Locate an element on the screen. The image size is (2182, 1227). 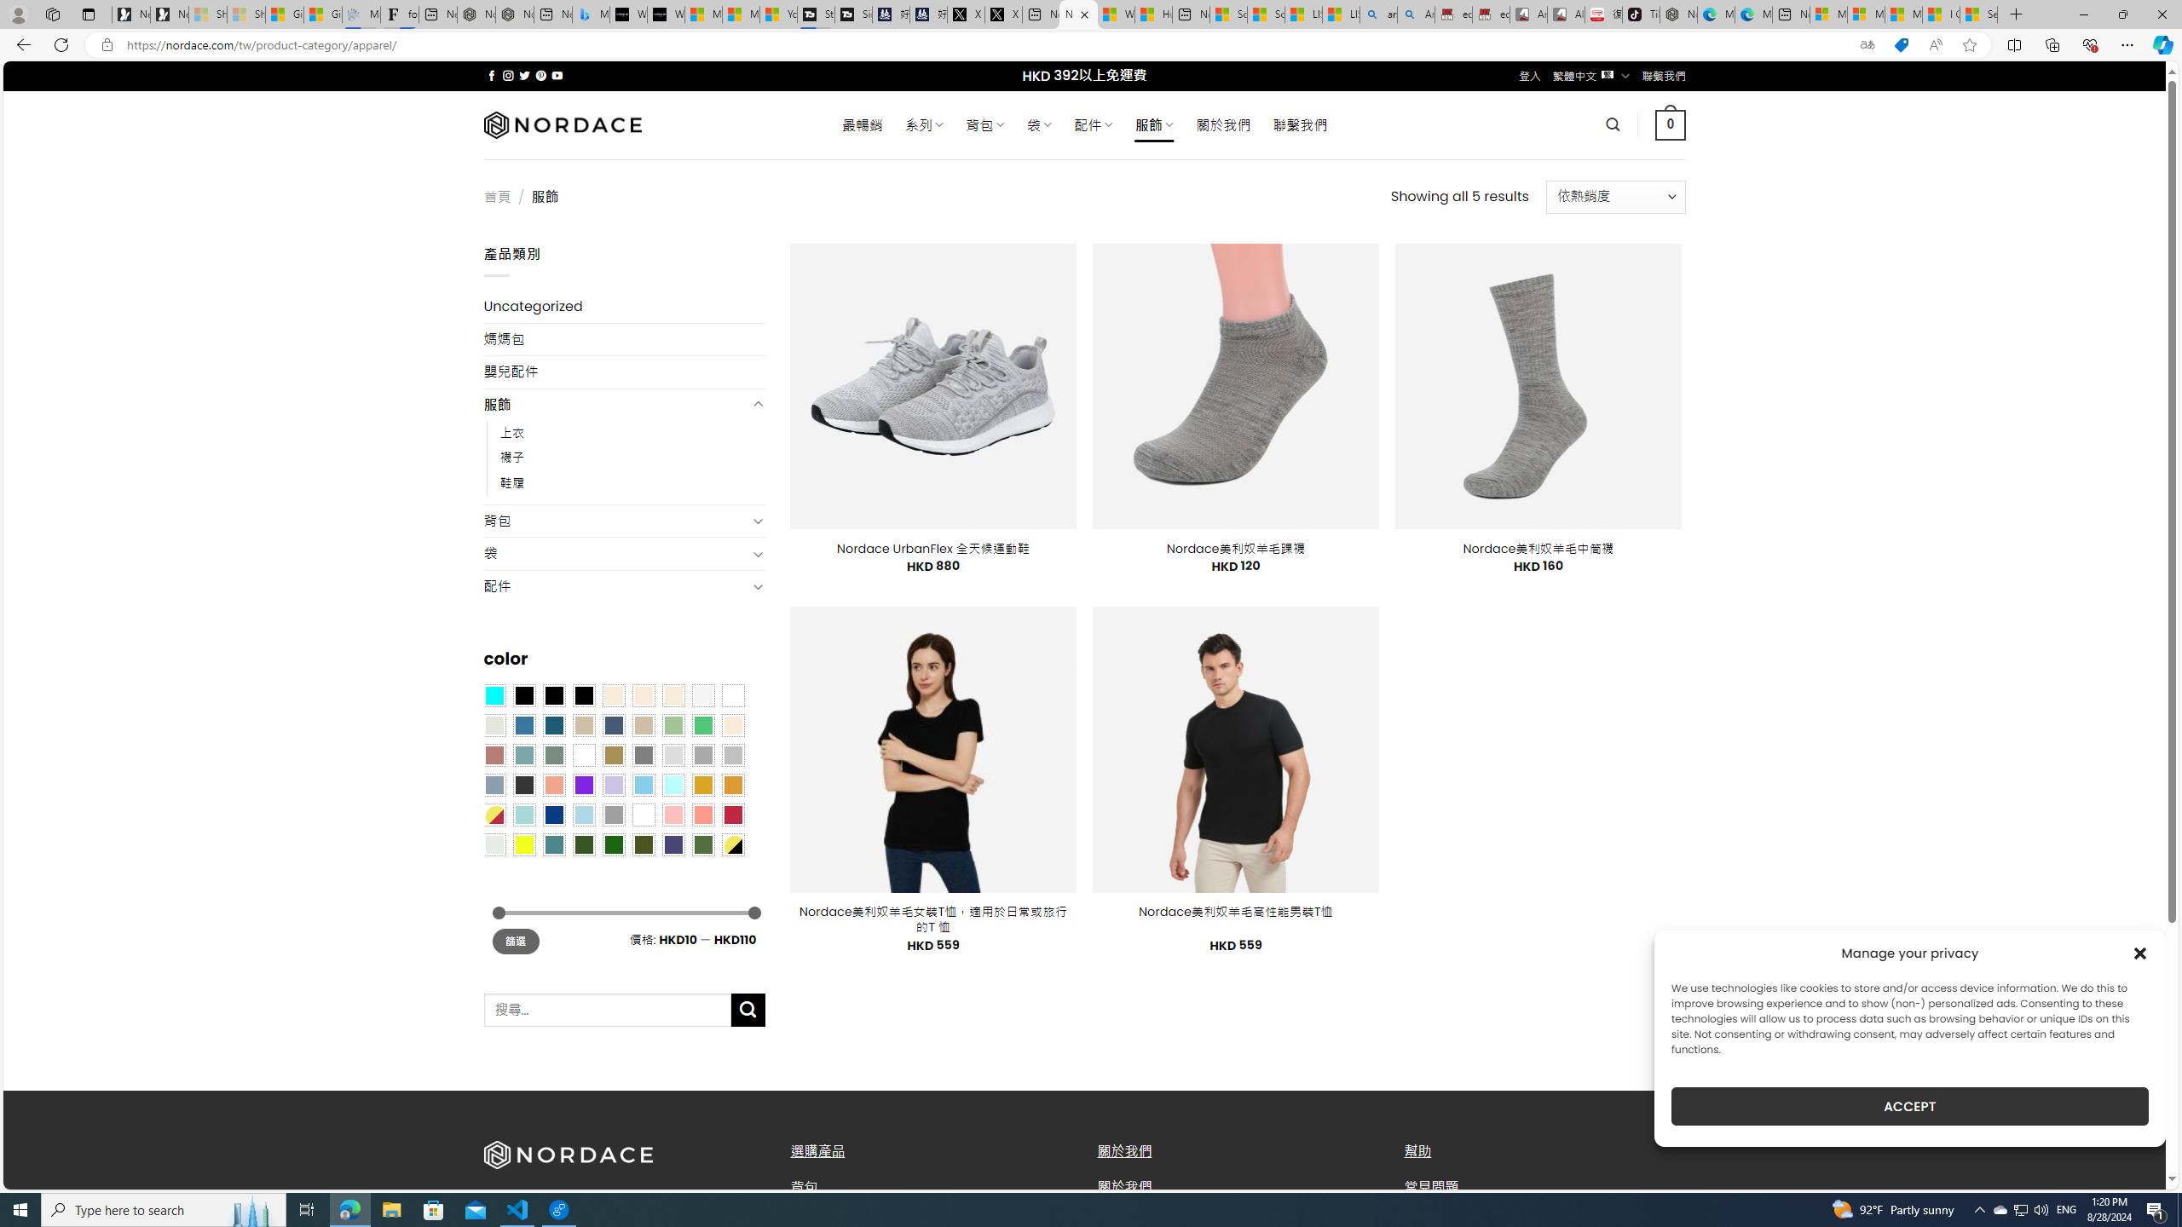
'Nordace - #1 Japanese Best-Seller - Siena Smart Backpack' is located at coordinates (514, 14).